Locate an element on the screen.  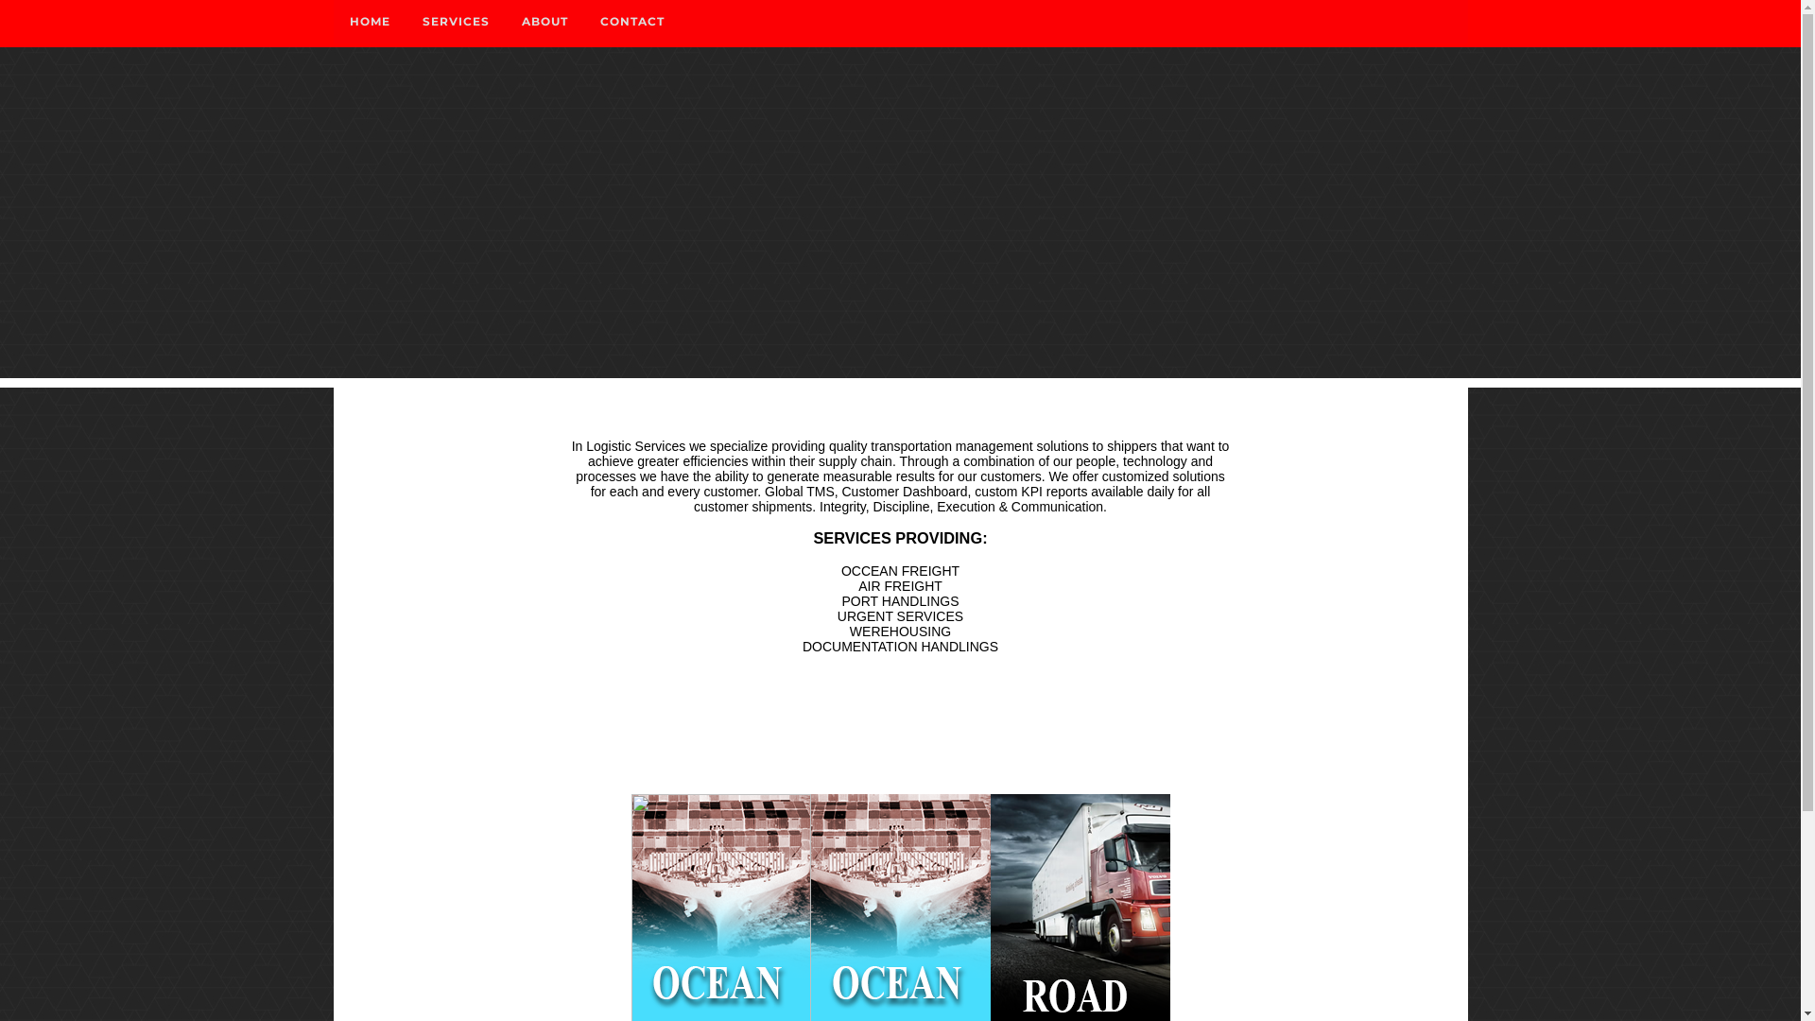
'CONTACT' is located at coordinates (631, 22).